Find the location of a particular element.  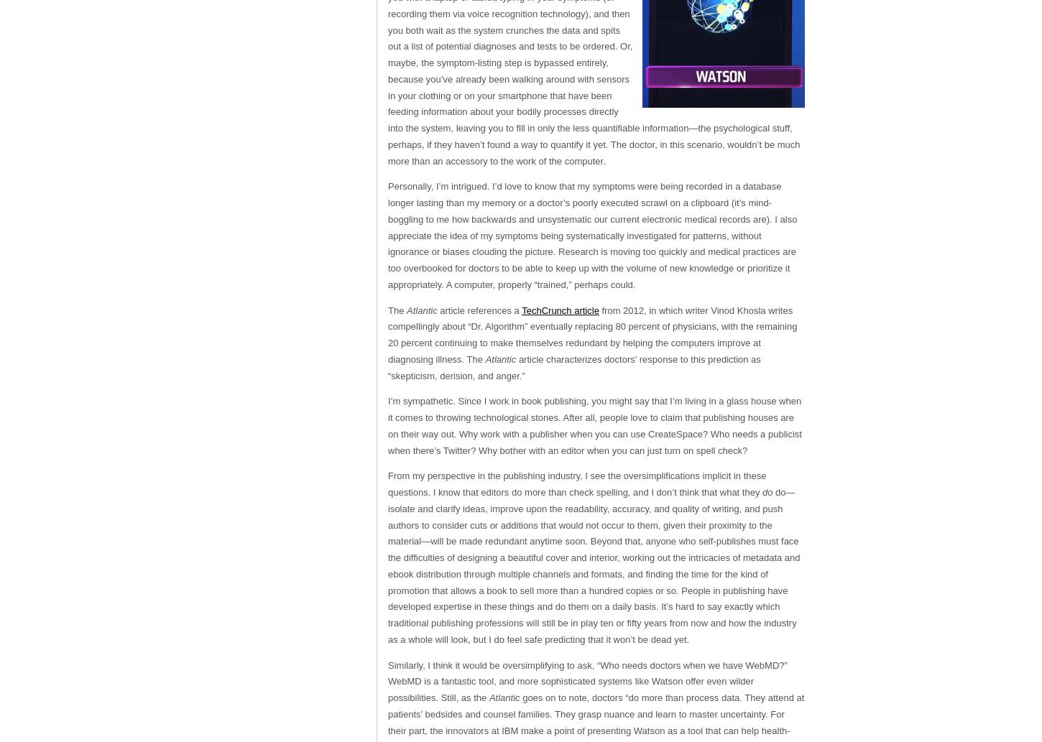

'From my perspective in the publishing industry, I see the oversimplifications implicit in these questions. I know that editors do more than check spelling, and I don’t think that what they' is located at coordinates (387, 483).